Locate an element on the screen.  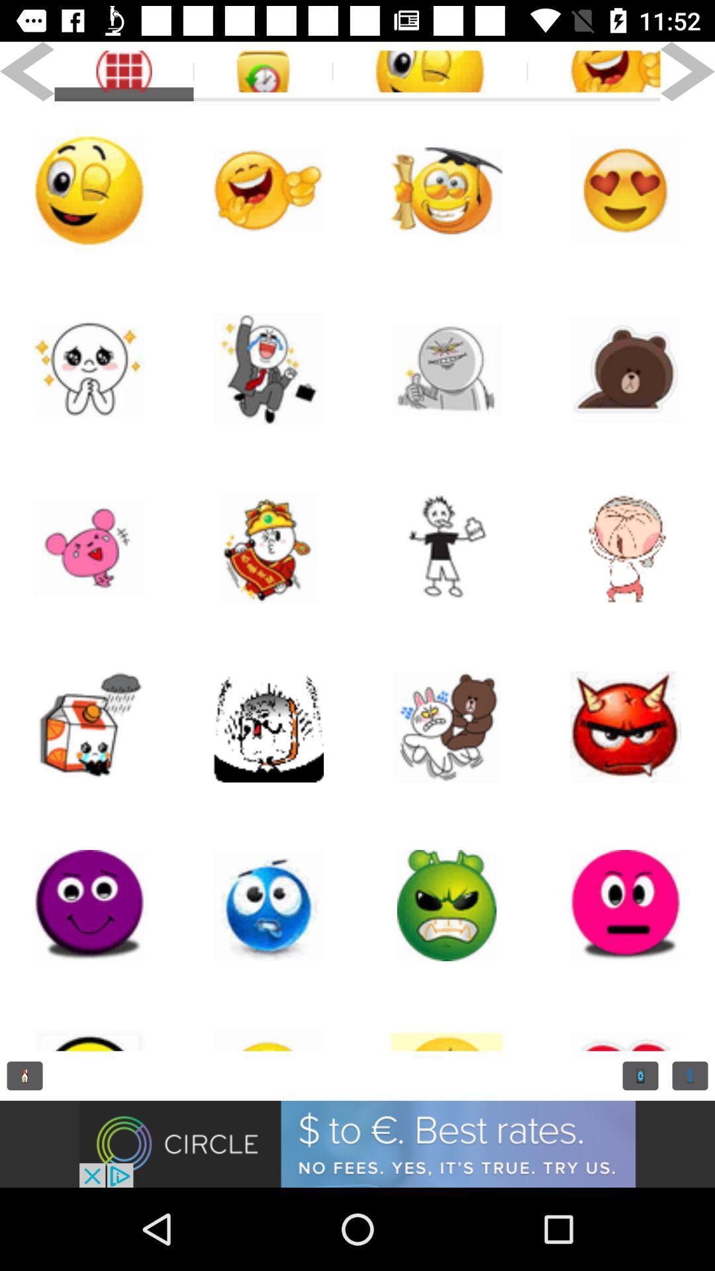
an emoji is located at coordinates (626, 726).